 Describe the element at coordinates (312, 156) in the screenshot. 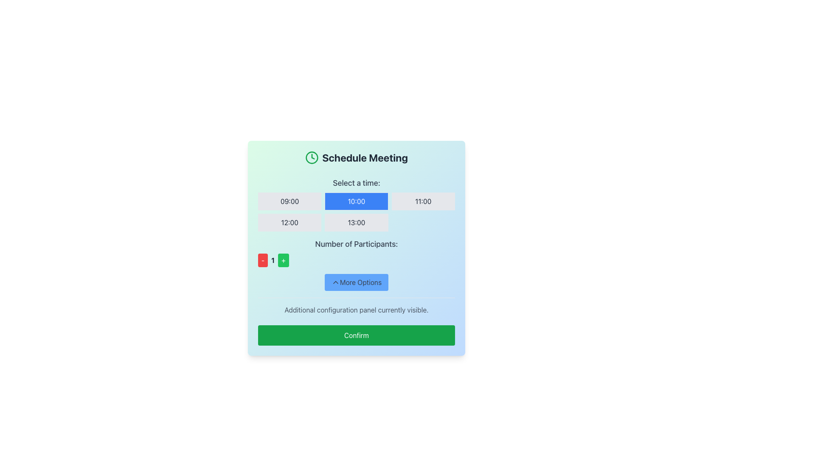

I see `the triangle element inside the circular clock icon, which resembles the hour and minute hand pointing between 6 o'clock and 3 o'clock` at that location.